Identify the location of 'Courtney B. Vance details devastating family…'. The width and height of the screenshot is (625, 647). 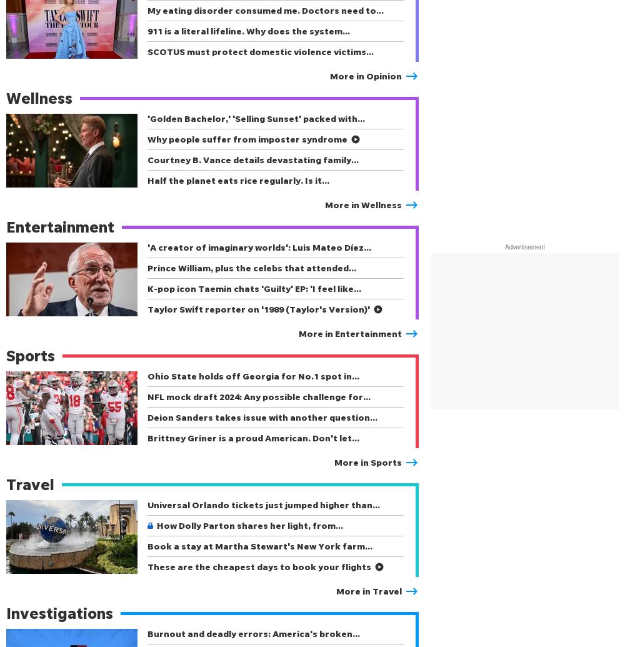
(253, 159).